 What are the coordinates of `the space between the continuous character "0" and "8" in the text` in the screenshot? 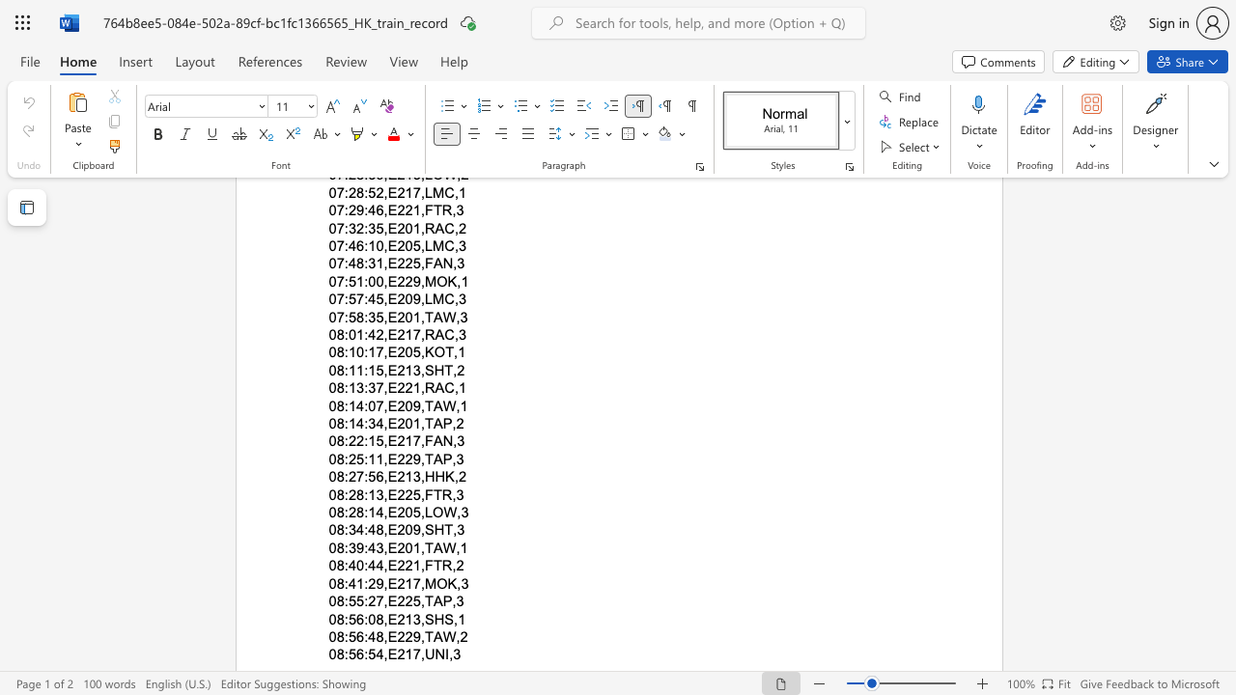 It's located at (336, 441).